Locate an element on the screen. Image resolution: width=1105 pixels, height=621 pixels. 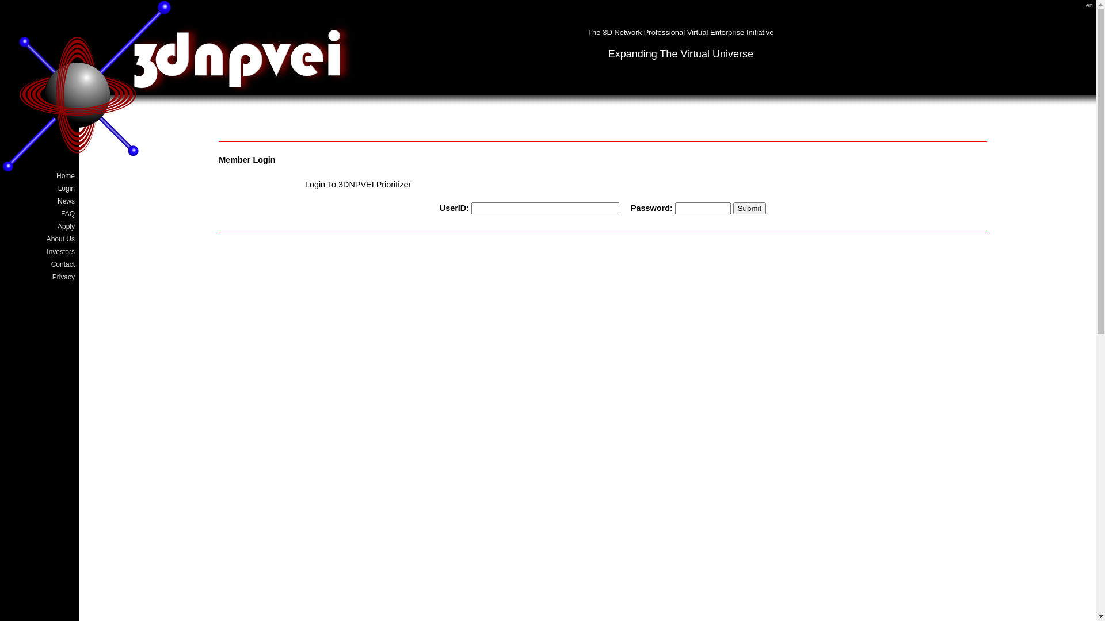
'Apply' is located at coordinates (40, 226).